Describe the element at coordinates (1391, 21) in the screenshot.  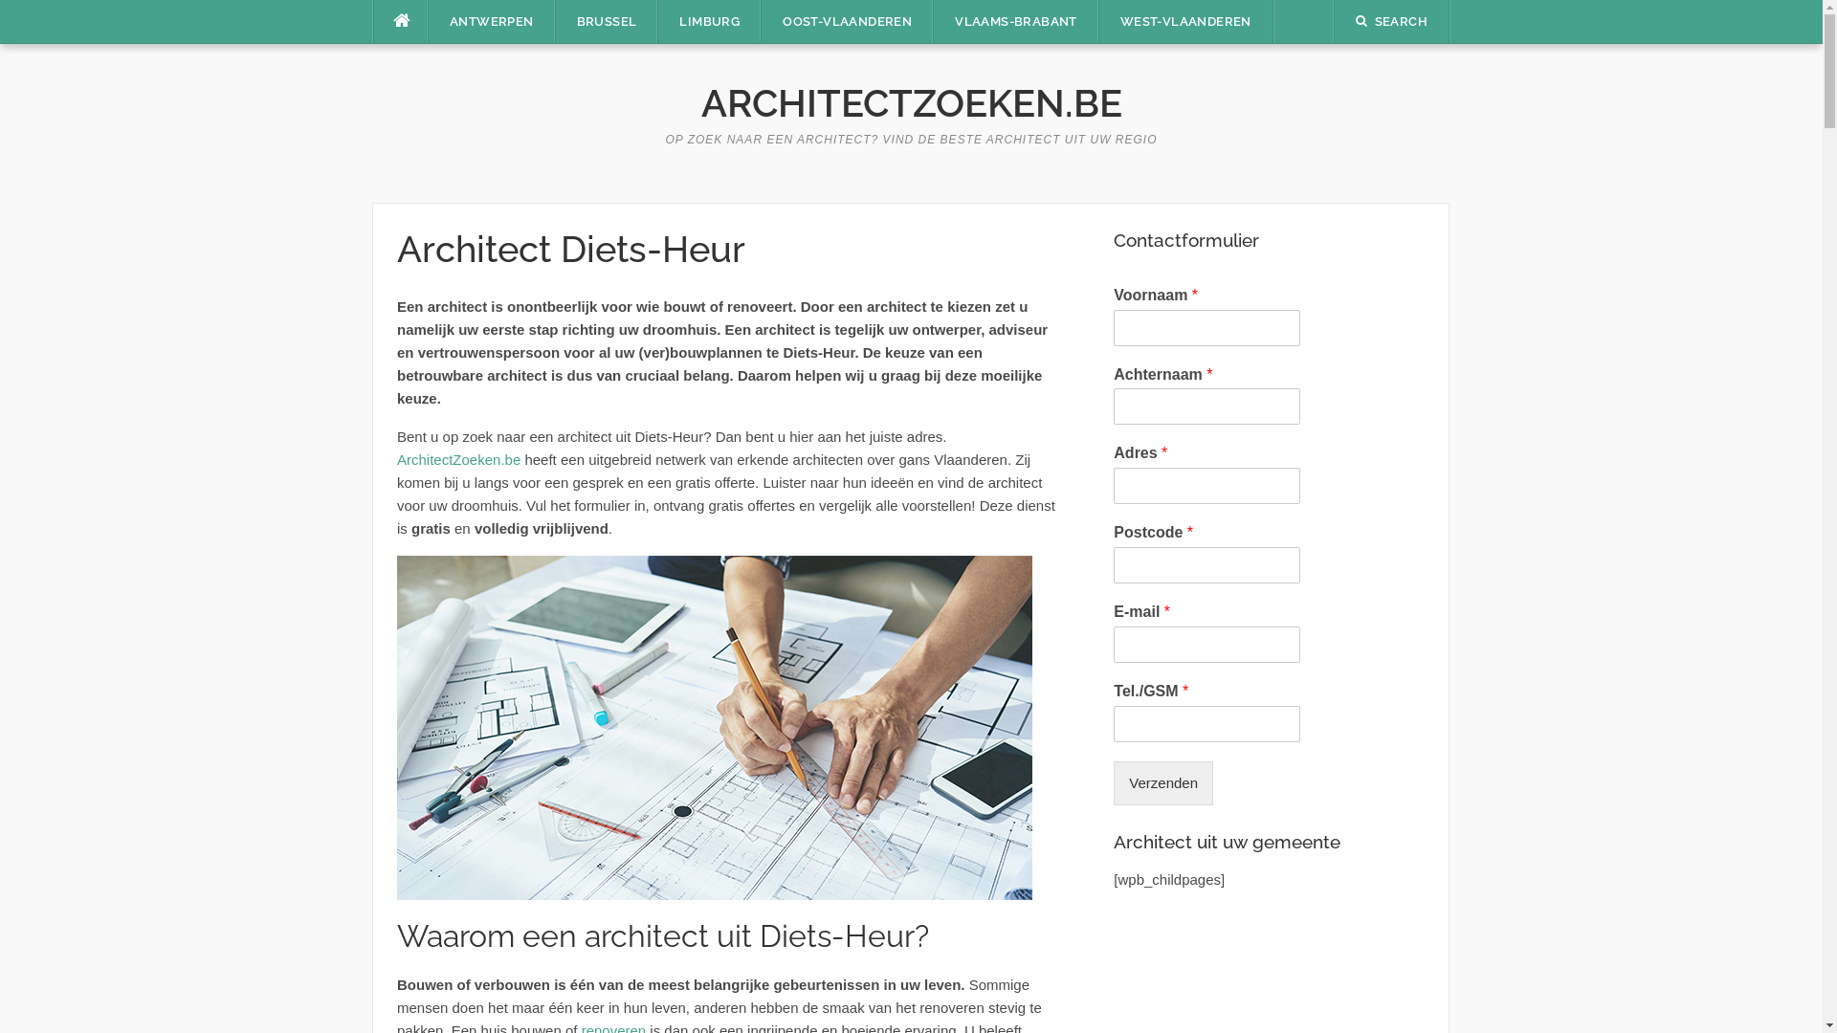
I see `'SEARCH'` at that location.